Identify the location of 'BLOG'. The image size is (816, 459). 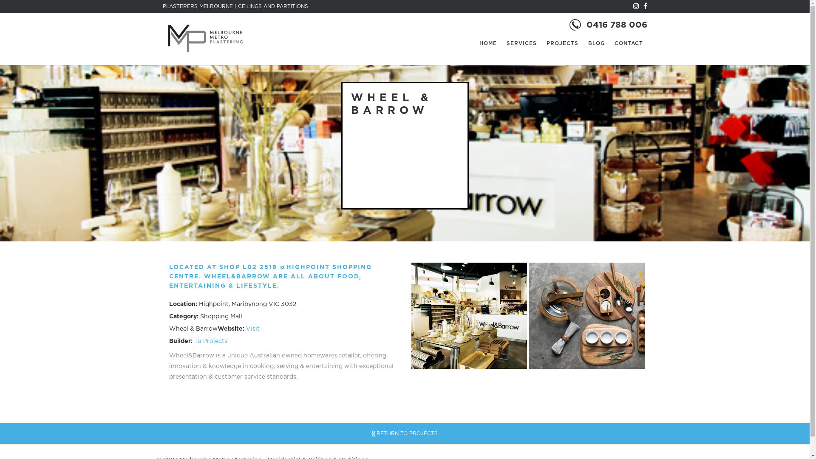
(596, 43).